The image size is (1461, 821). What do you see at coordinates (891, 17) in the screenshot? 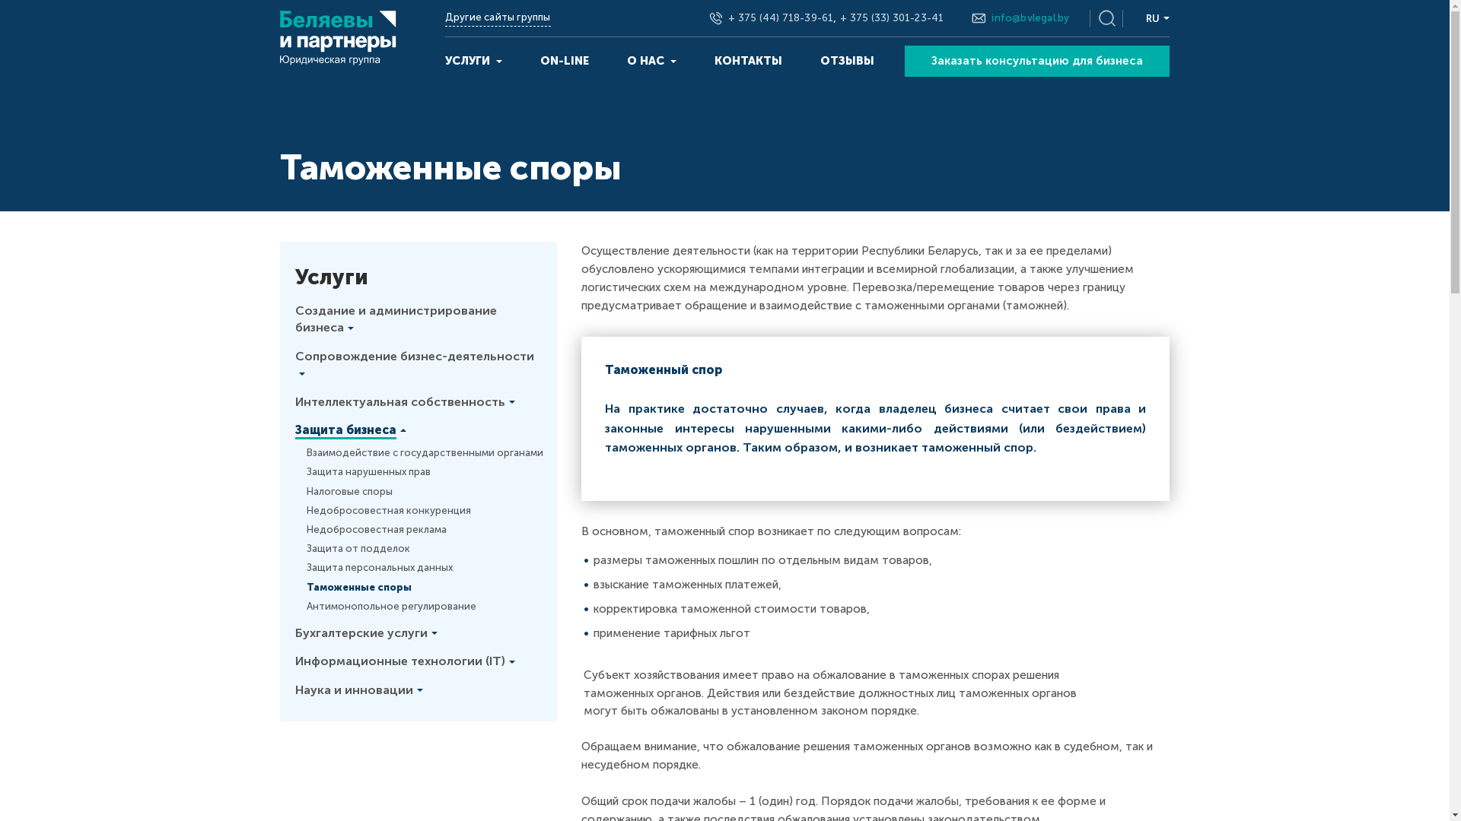
I see `'+ 375 (33) 301-23-41'` at bounding box center [891, 17].